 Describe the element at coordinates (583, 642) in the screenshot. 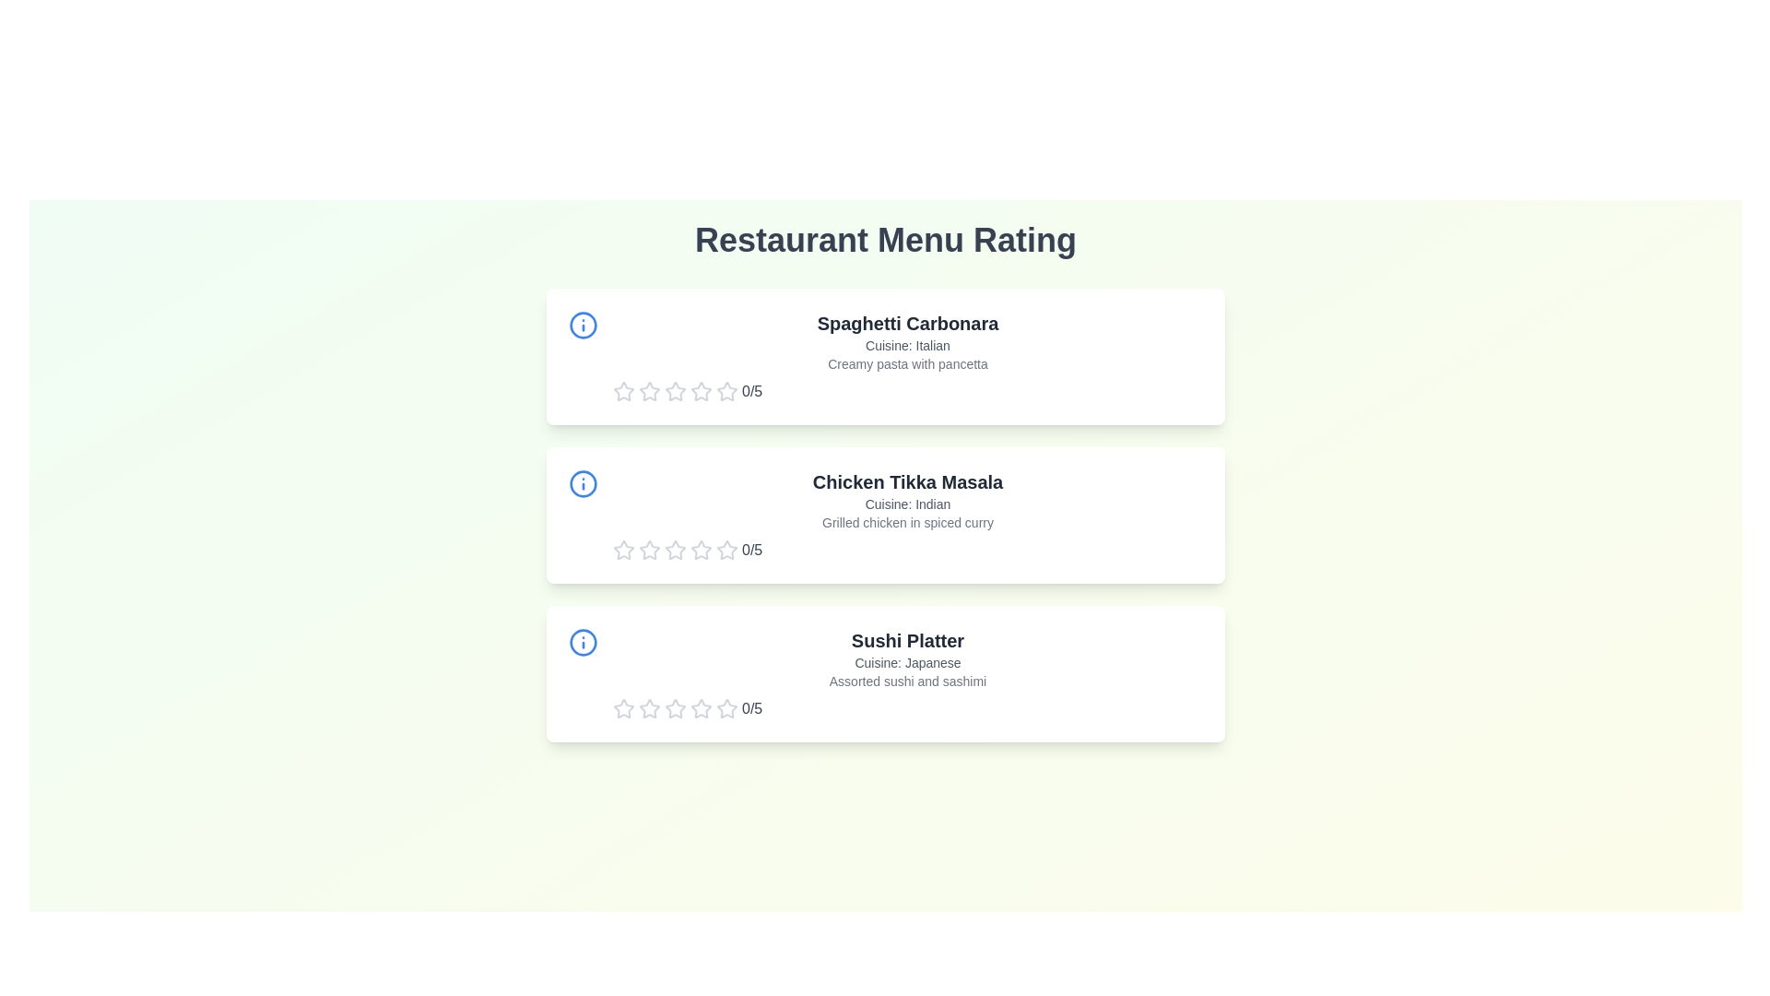

I see `the information icon for the menu item Sushi Platter` at that location.